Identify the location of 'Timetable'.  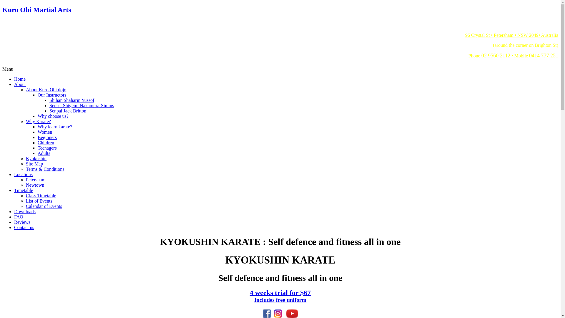
(14, 190).